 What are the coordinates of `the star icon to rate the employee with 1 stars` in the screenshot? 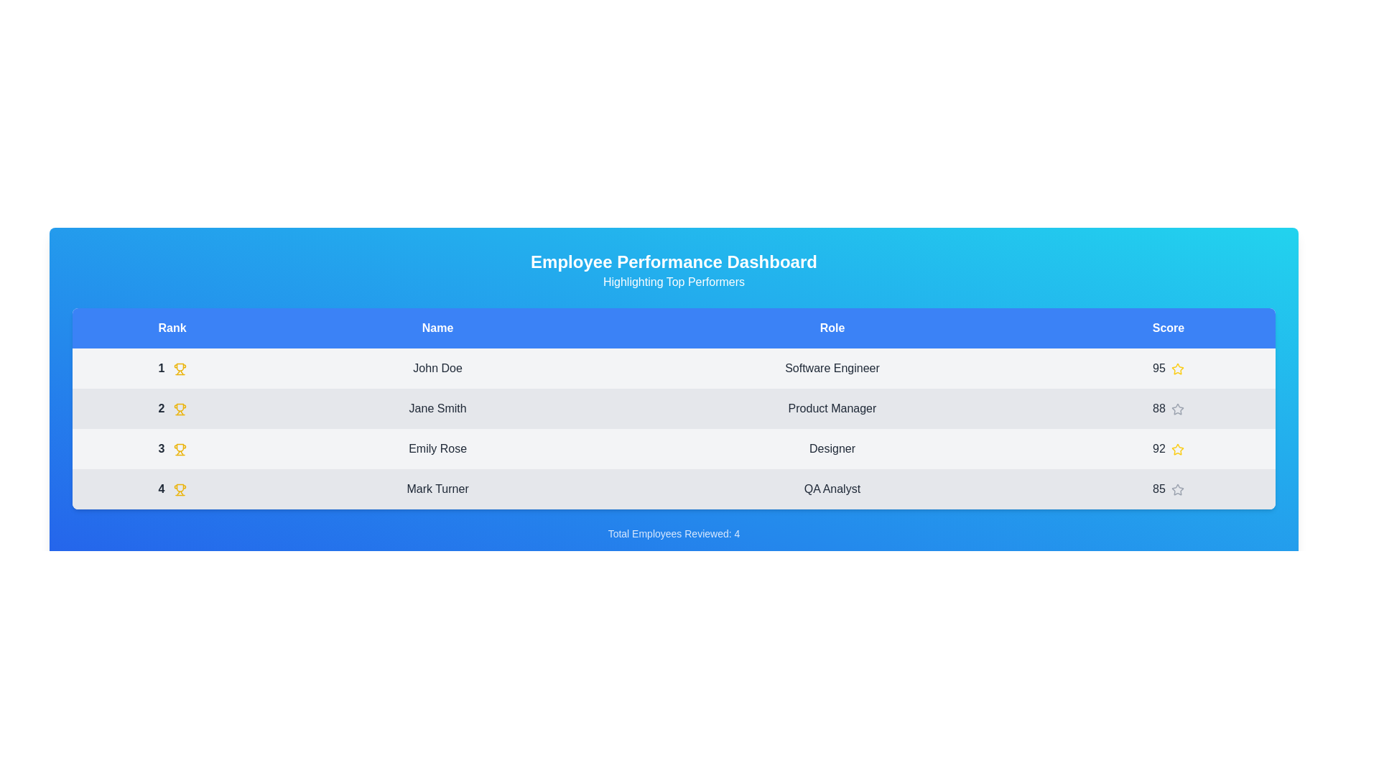 It's located at (1177, 368).